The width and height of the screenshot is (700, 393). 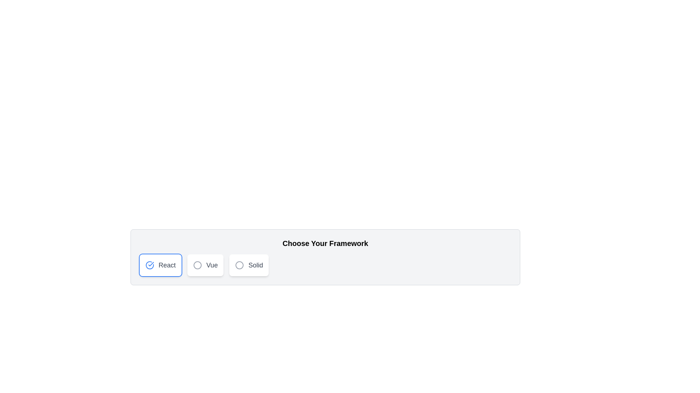 What do you see at coordinates (149, 265) in the screenshot?
I see `the confirmation icon indicating a selected state for the 'React' option, located in the first card under 'Choose Your Framework'` at bounding box center [149, 265].